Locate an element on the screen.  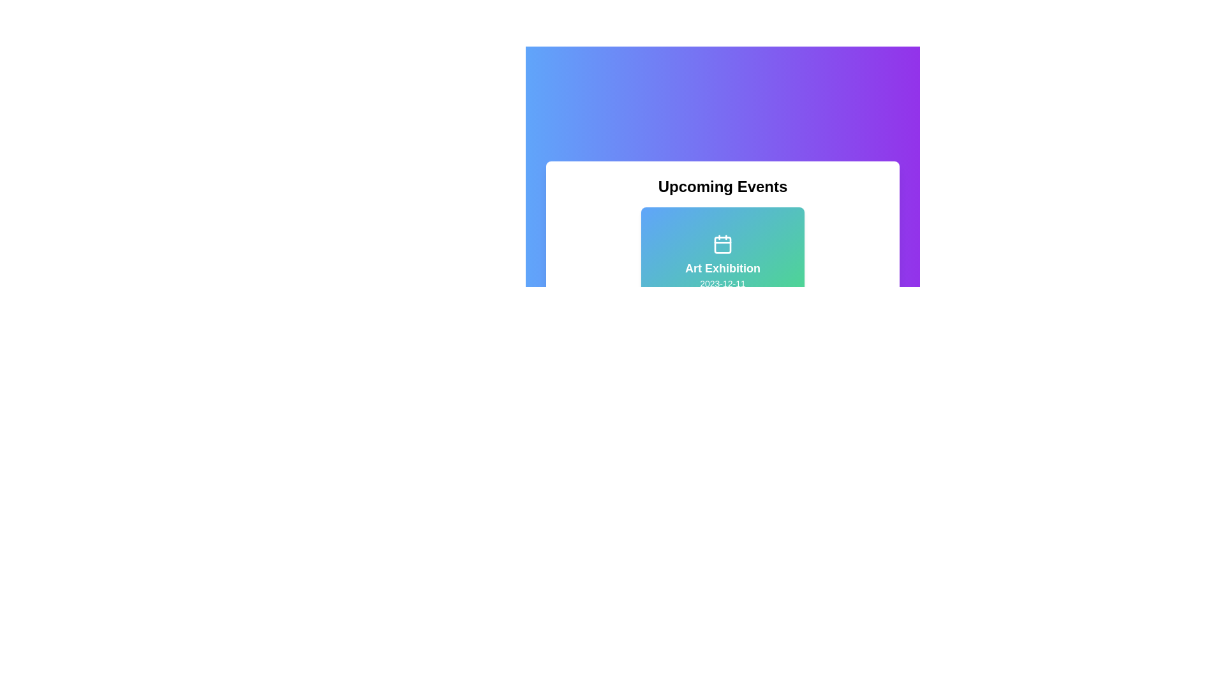
date displayed on the text label showing '2023-12-11', which is styled in white color and positioned beneath the title 'Art Exhibition' is located at coordinates (722, 283).